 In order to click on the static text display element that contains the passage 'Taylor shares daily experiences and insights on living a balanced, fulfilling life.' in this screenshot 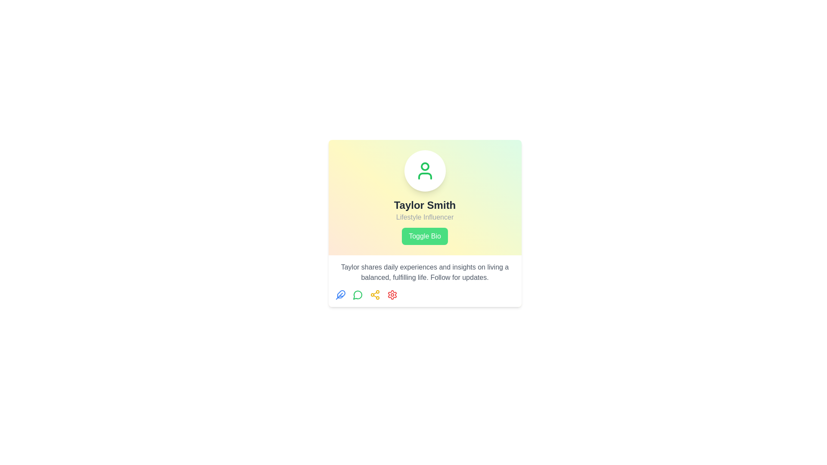, I will do `click(425, 281)`.